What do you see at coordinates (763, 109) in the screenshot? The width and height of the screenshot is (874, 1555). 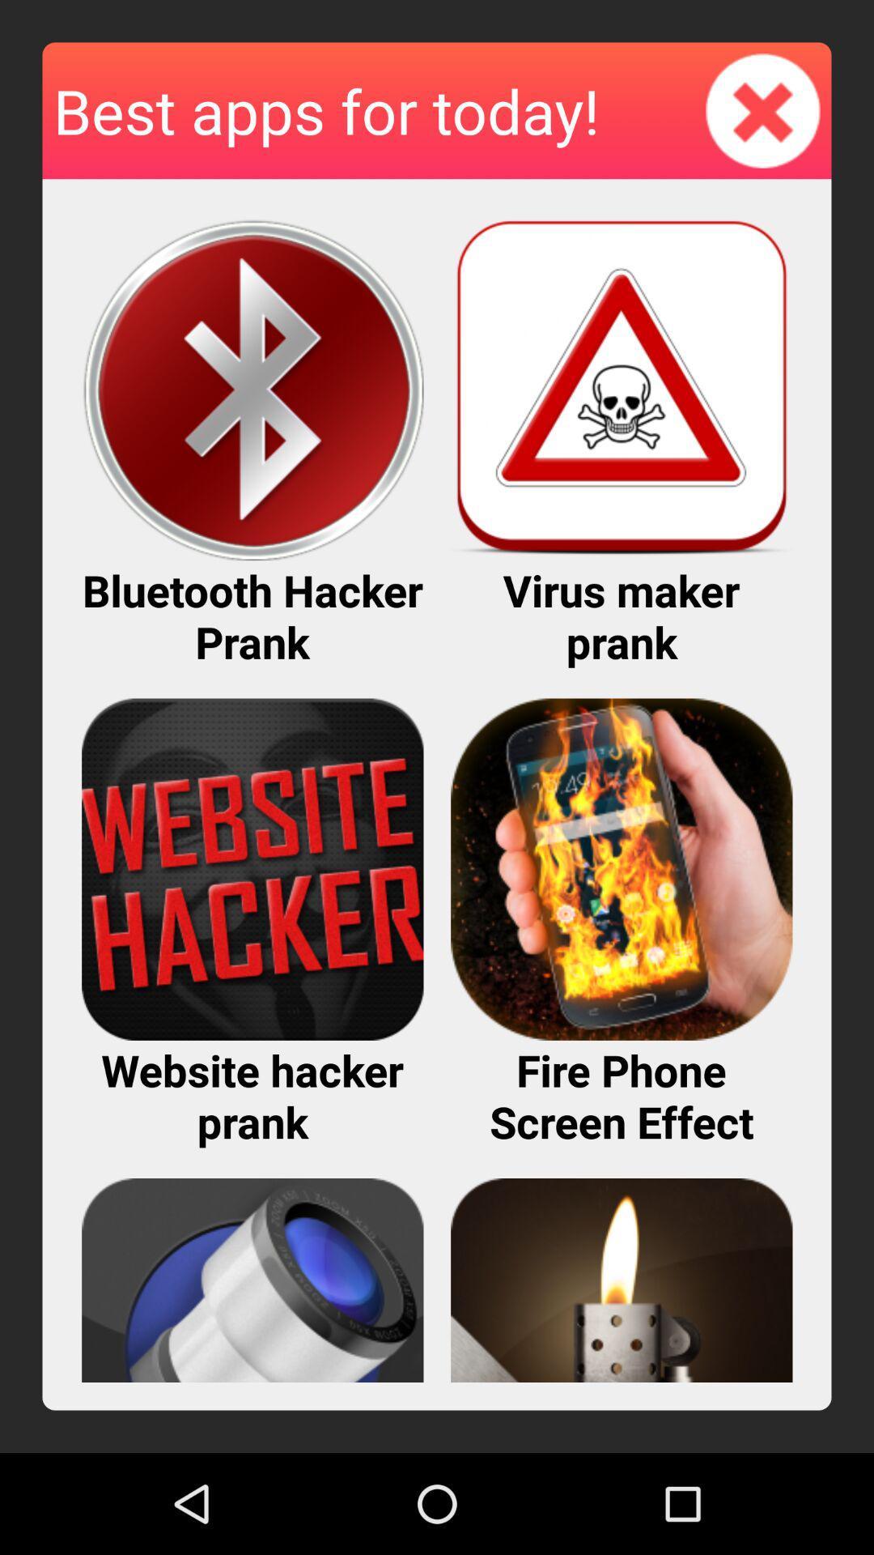 I see `exit screen` at bounding box center [763, 109].